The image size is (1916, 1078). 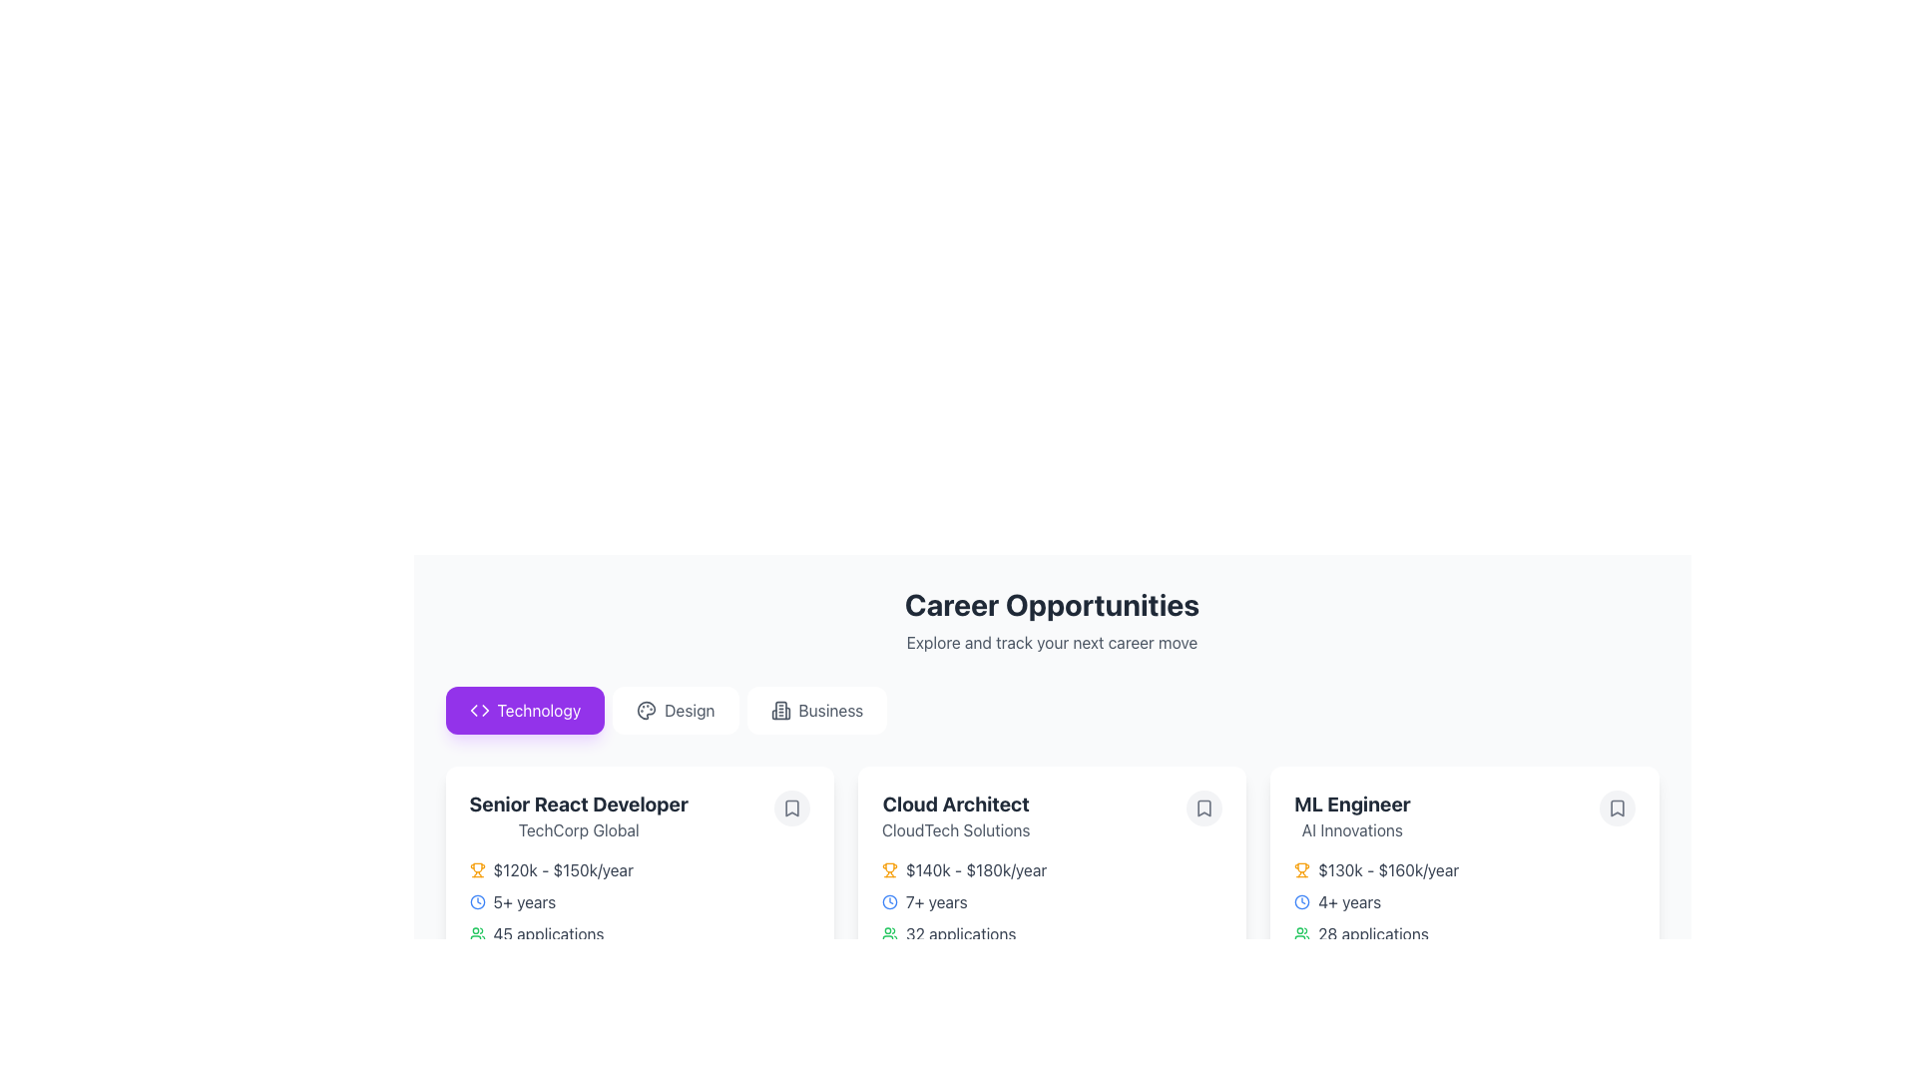 I want to click on the leftmost button in the row of buttons below the 'Career Opportunities' title, so click(x=525, y=710).